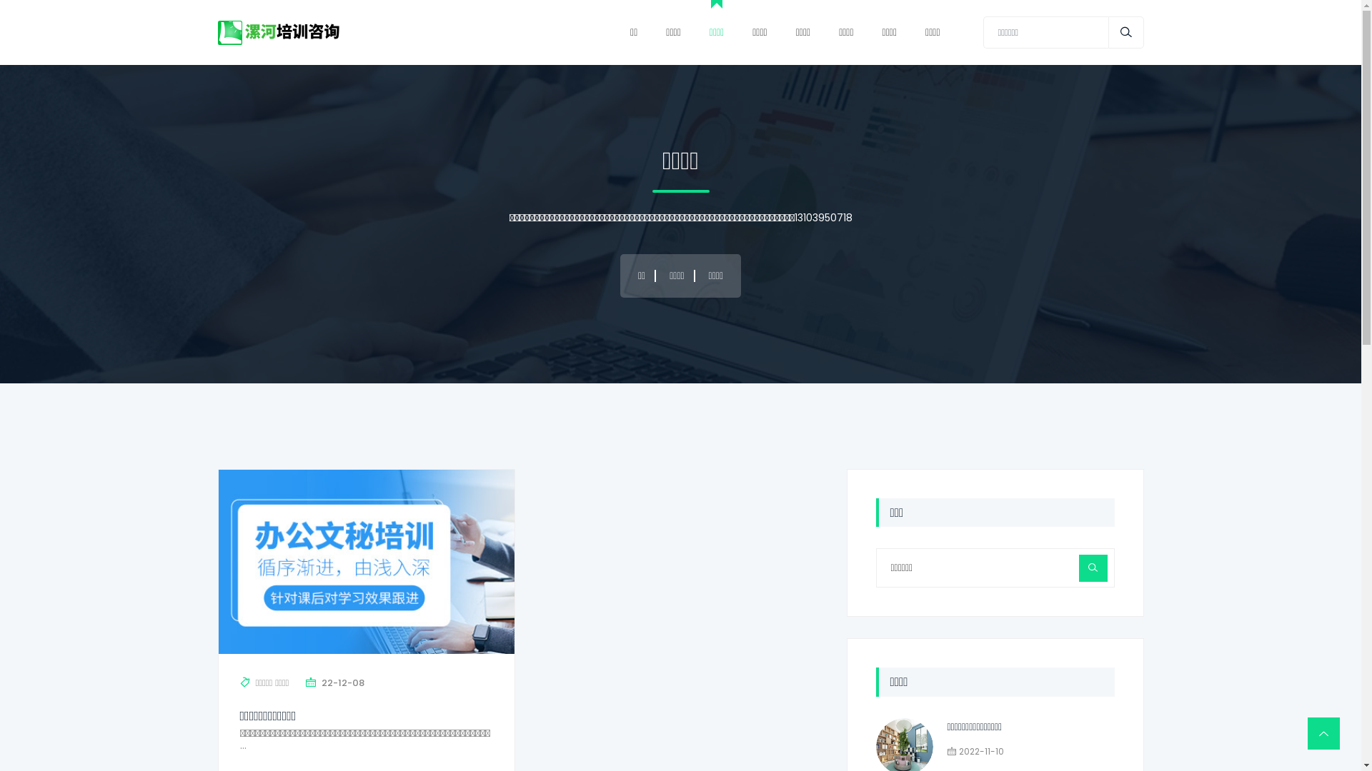 This screenshot has height=771, width=1372. What do you see at coordinates (321, 682) in the screenshot?
I see `'22-12-08'` at bounding box center [321, 682].